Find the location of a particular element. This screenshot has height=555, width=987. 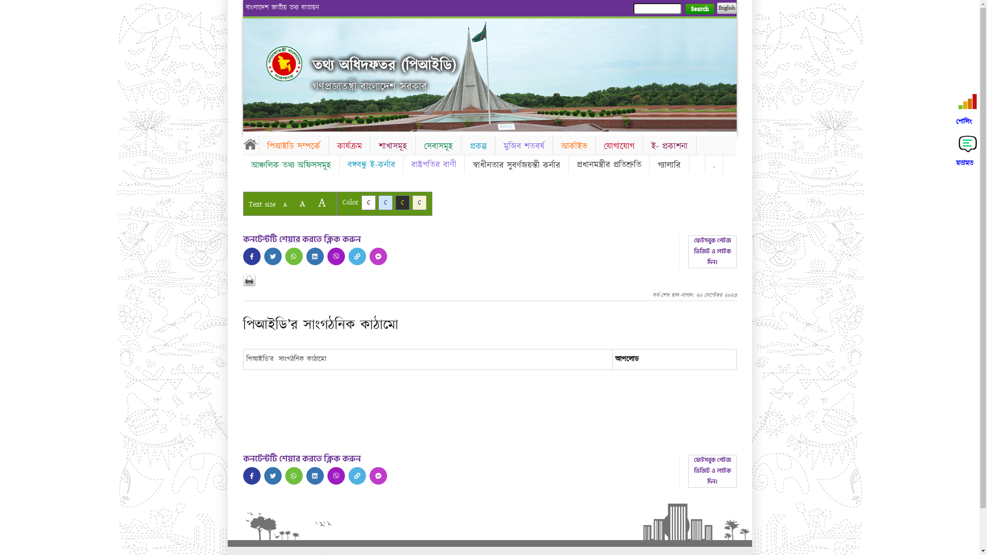

'A' is located at coordinates (321, 202).